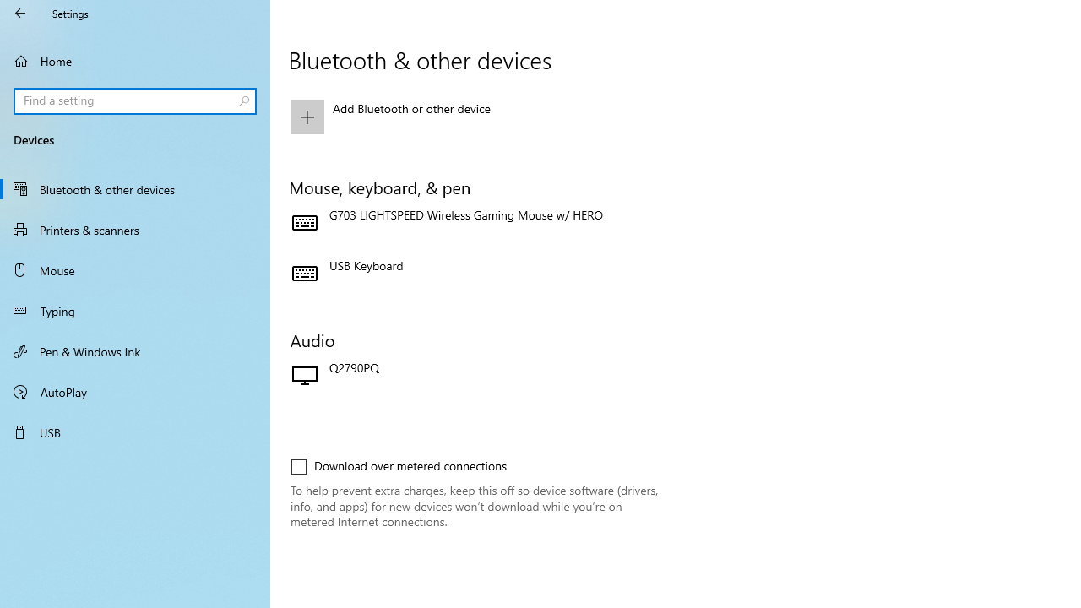 Image resolution: width=1081 pixels, height=608 pixels. What do you see at coordinates (135, 269) in the screenshot?
I see `'Mouse'` at bounding box center [135, 269].